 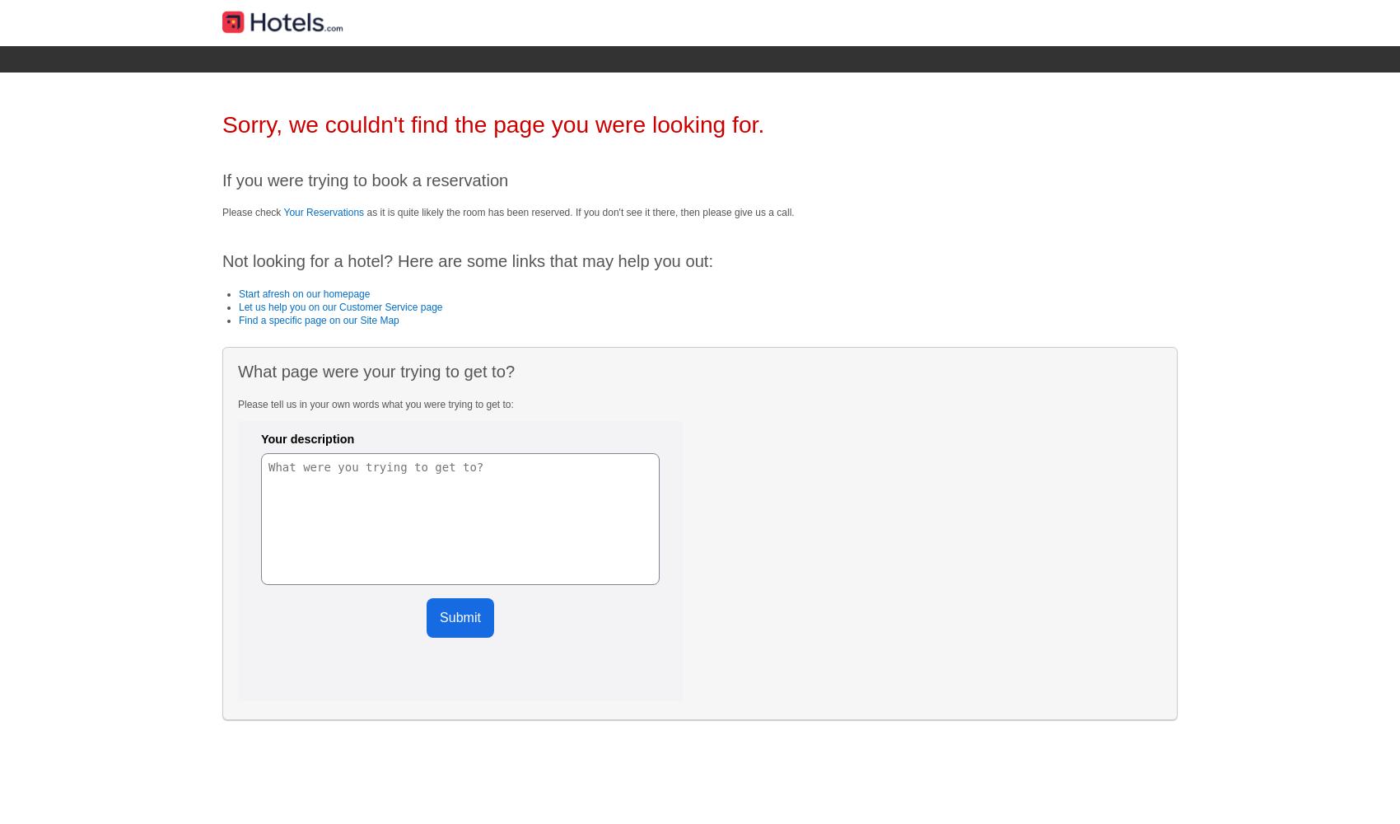 I want to click on 'Not looking for a hotel? Here are some links that may help you out:', so click(x=222, y=260).